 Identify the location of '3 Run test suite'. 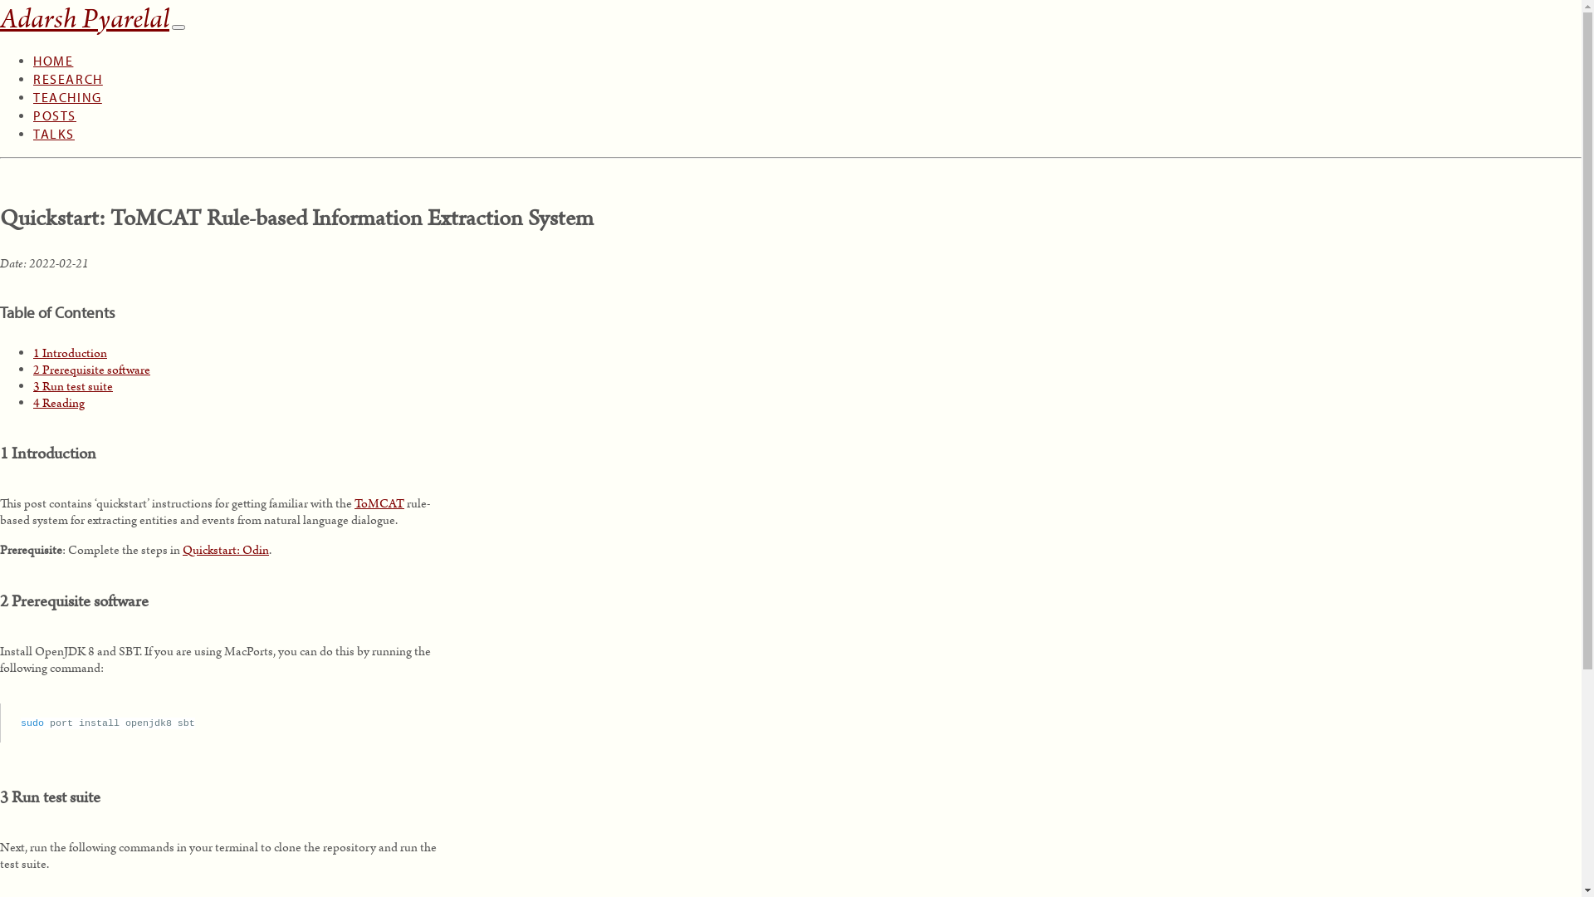
(32, 385).